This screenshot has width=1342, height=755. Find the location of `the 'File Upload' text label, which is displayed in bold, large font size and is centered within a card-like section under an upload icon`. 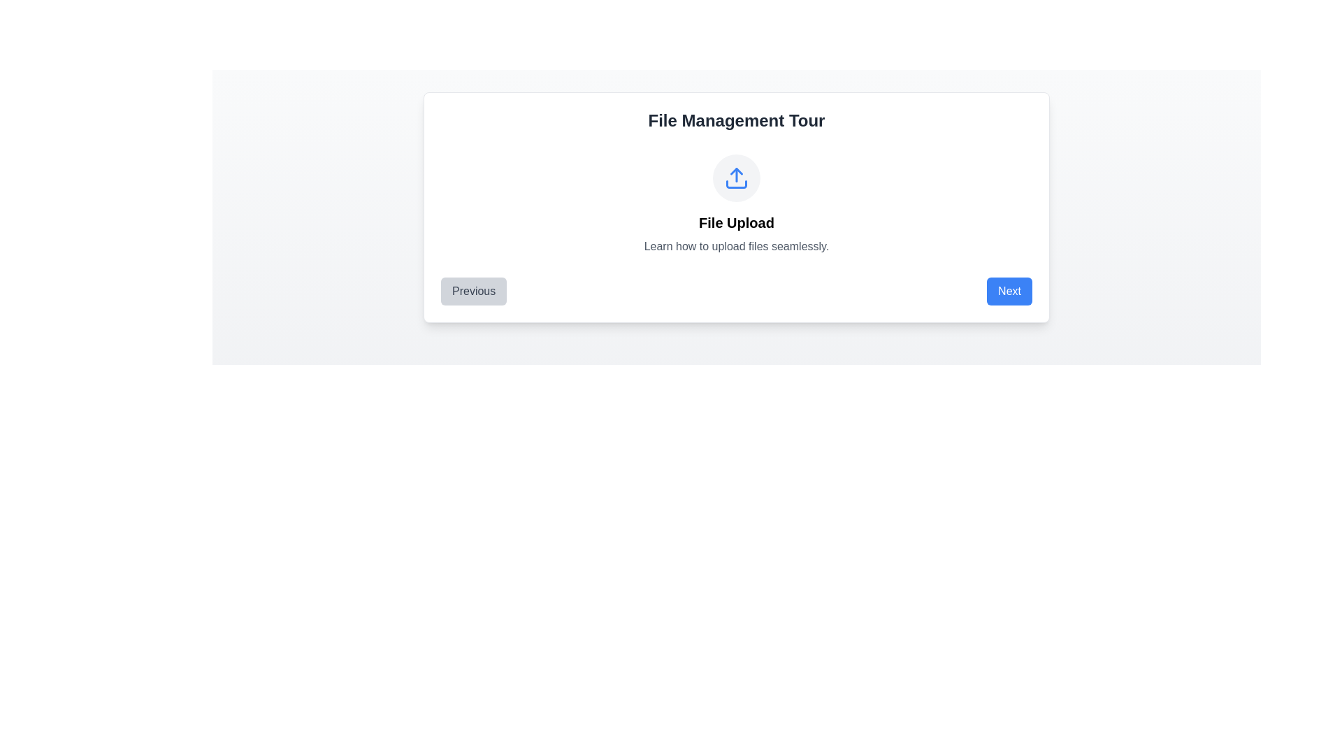

the 'File Upload' text label, which is displayed in bold, large font size and is centered within a card-like section under an upload icon is located at coordinates (736, 222).